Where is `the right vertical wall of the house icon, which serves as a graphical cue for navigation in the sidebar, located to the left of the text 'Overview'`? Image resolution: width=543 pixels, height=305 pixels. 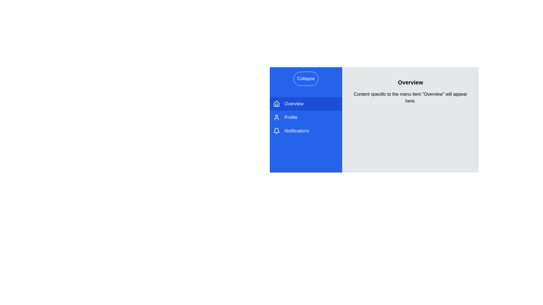 the right vertical wall of the house icon, which serves as a graphical cue for navigation in the sidebar, located to the left of the text 'Overview' is located at coordinates (277, 105).